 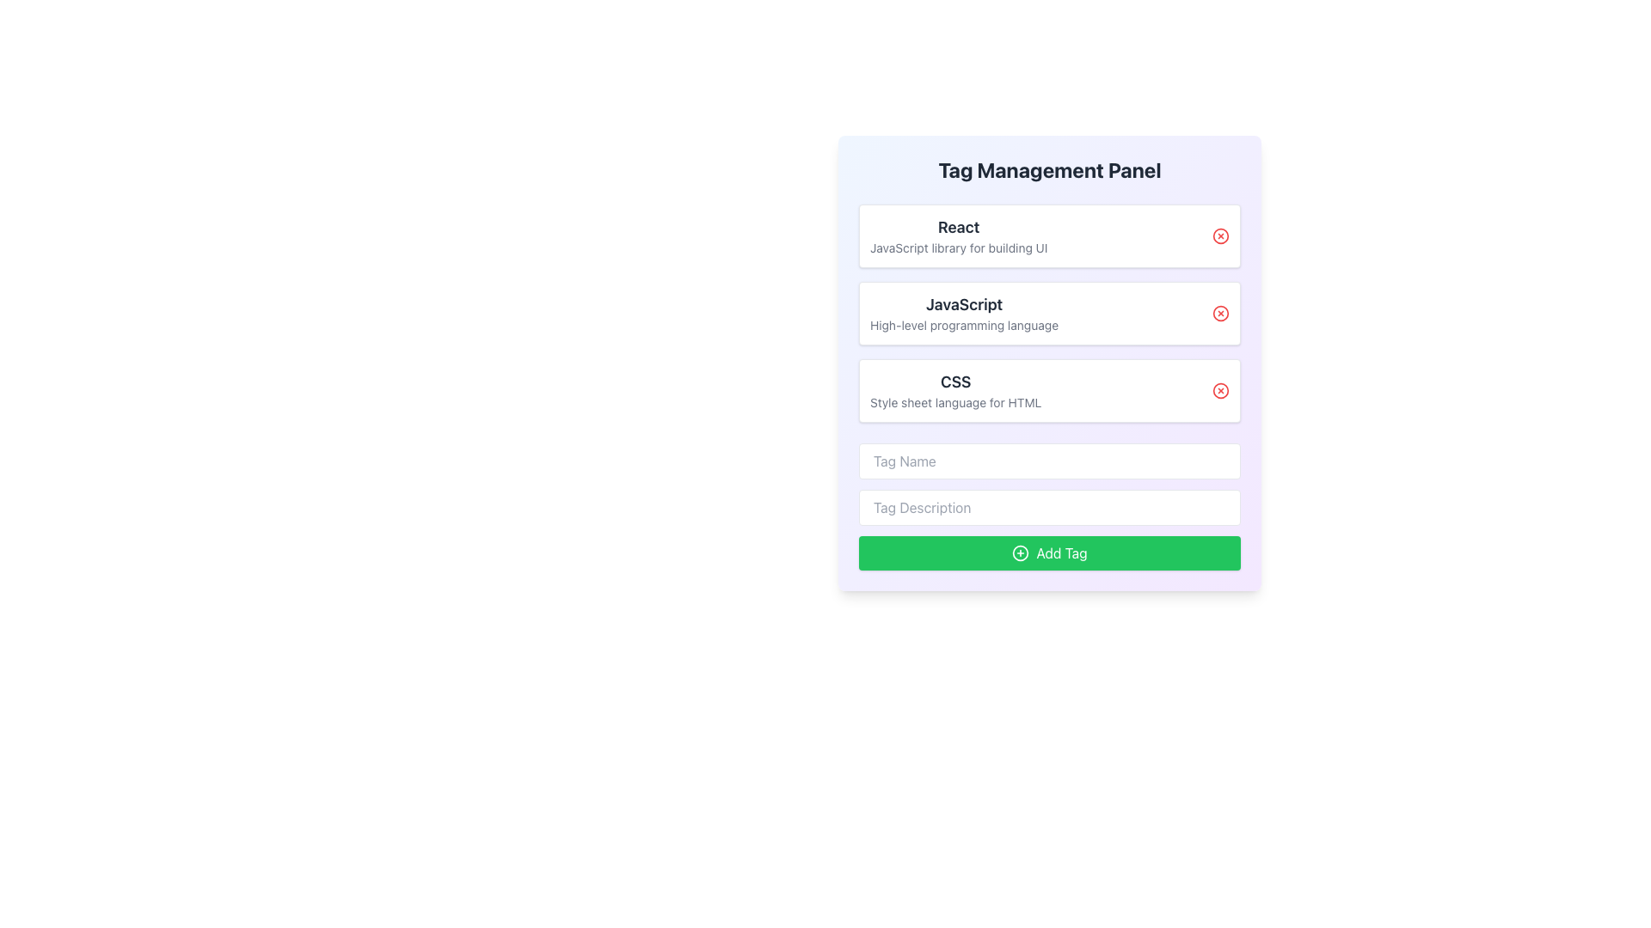 I want to click on text from the Text Header located at the top-center of the panel, which serves as a title or heading for the interface below, so click(x=1048, y=169).